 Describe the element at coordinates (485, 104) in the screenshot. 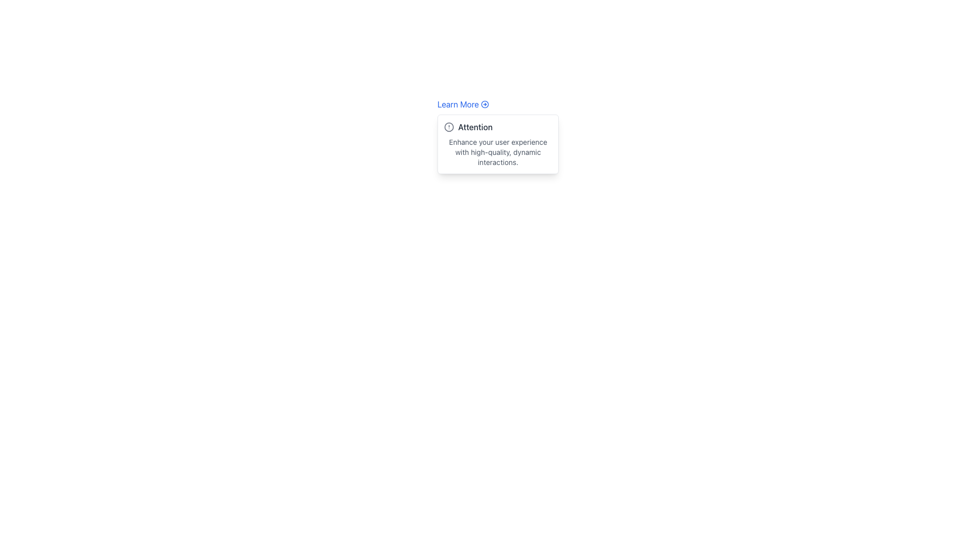

I see `the circular arrow icon pointing to the right, located next to the 'Learn More' text` at that location.